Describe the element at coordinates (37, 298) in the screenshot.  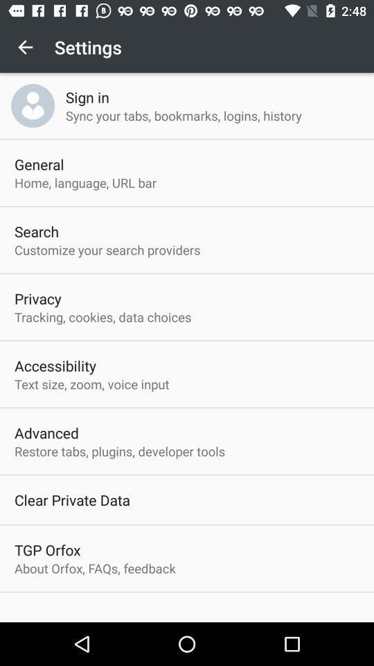
I see `privacy app` at that location.